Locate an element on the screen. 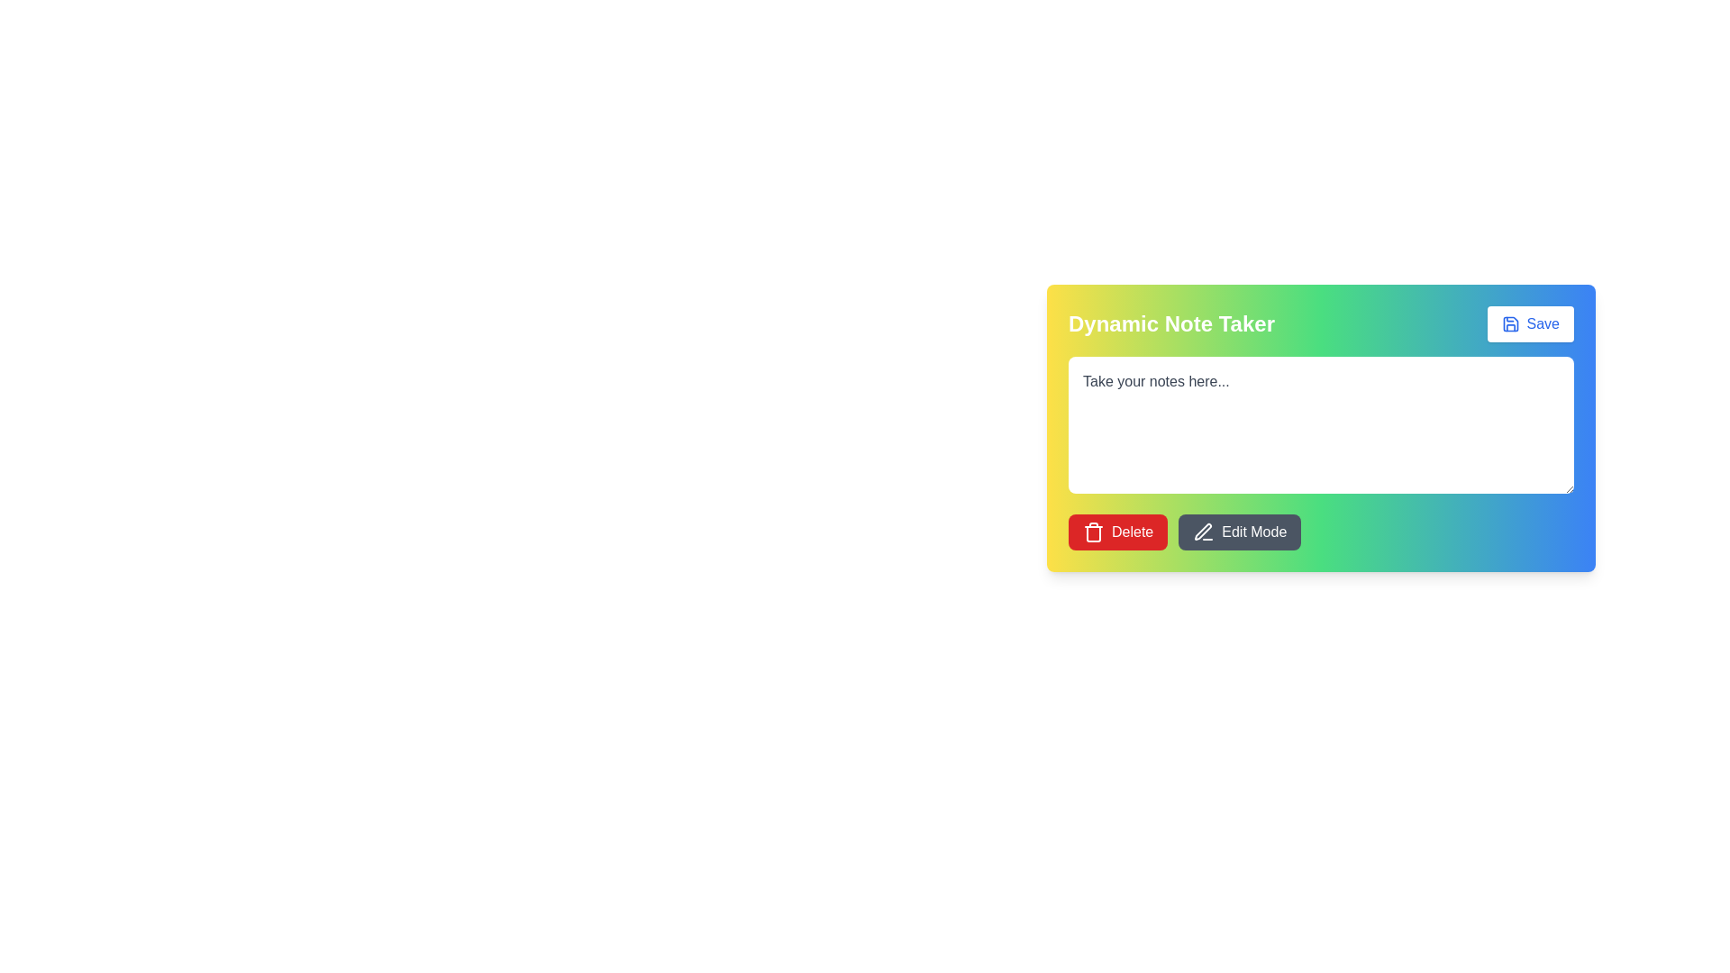  the 'Edit Mode' text label in the dark gray button is located at coordinates (1253, 531).